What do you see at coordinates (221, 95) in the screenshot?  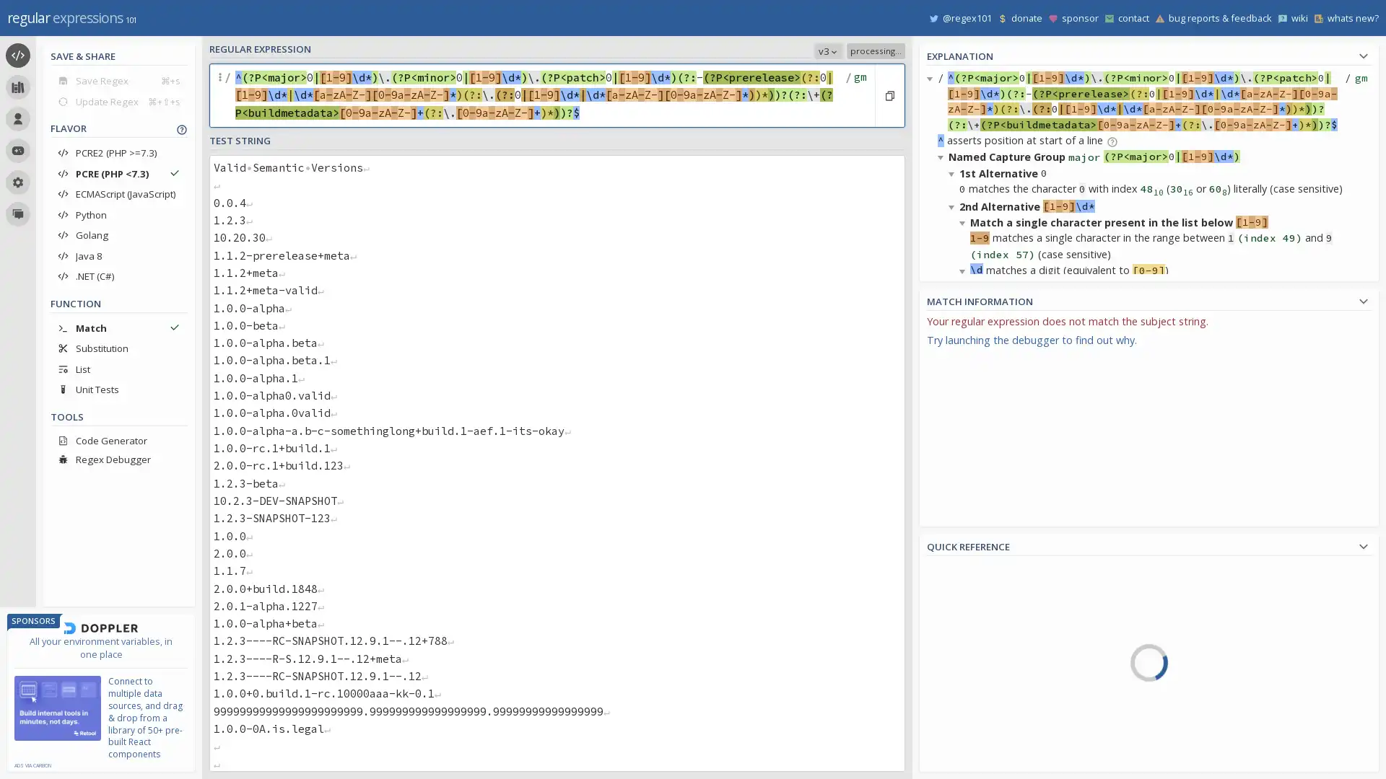 I see `Change delimiter` at bounding box center [221, 95].